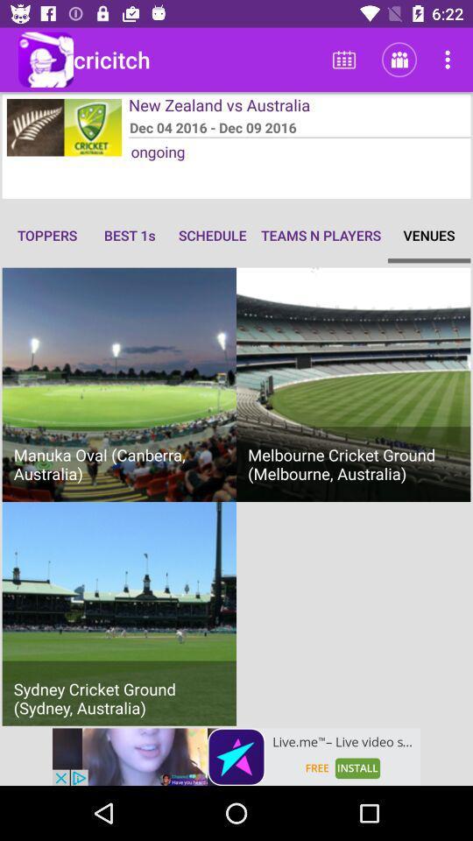  Describe the element at coordinates (236, 756) in the screenshot. I see `click discription` at that location.